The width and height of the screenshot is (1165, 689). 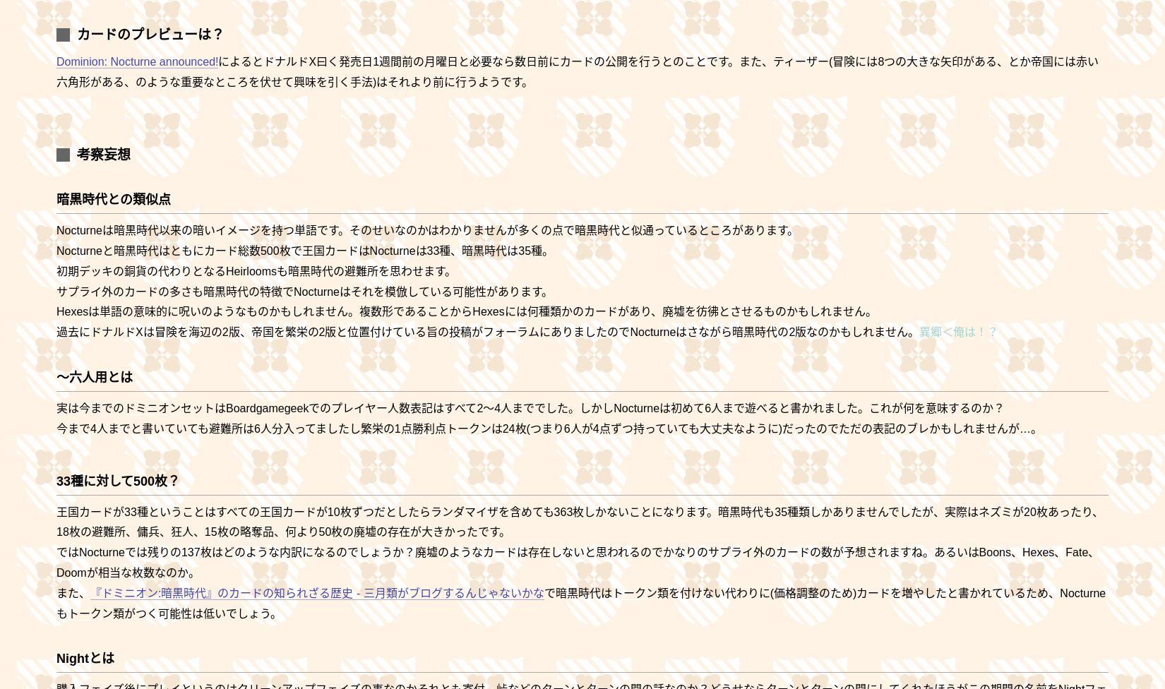 I want to click on '今まで4人までと書いていても避難所は6人分入ってましたし繁栄の1点', so click(x=234, y=428).